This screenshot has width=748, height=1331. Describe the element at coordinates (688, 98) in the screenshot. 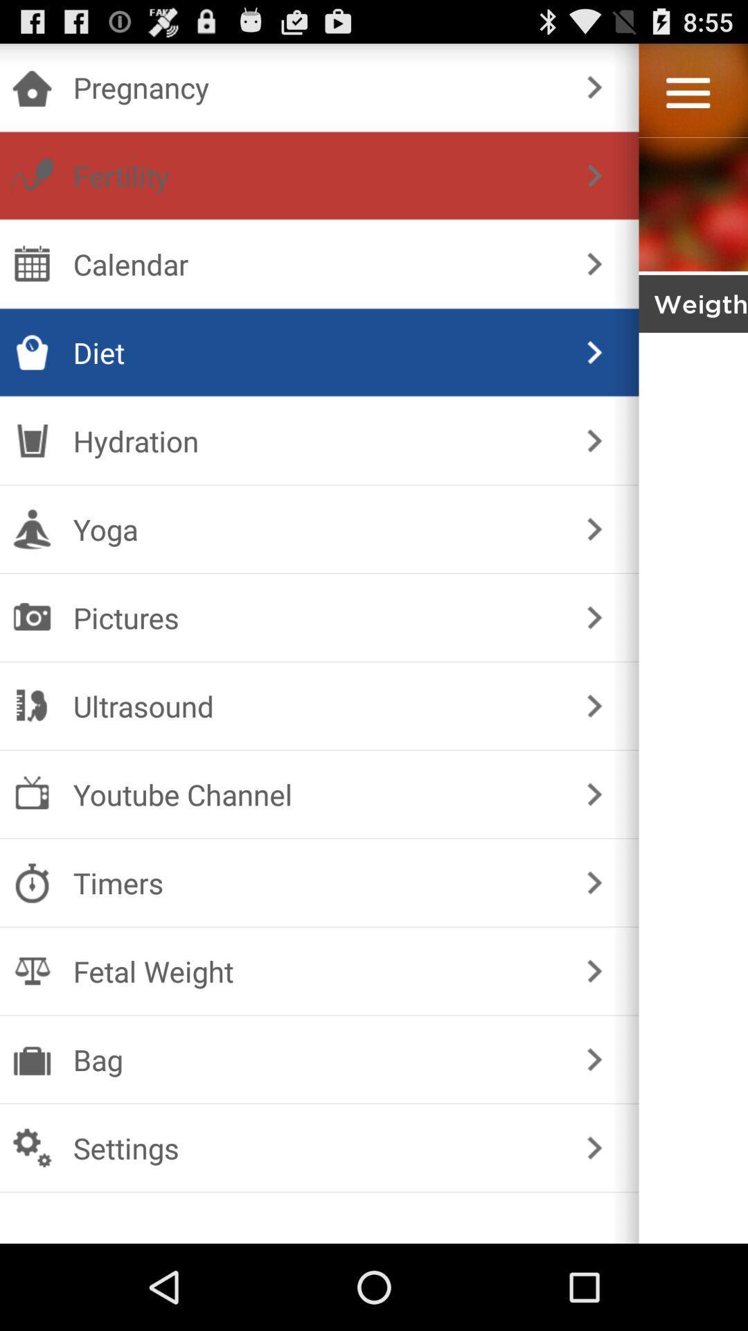

I see `the menu icon` at that location.